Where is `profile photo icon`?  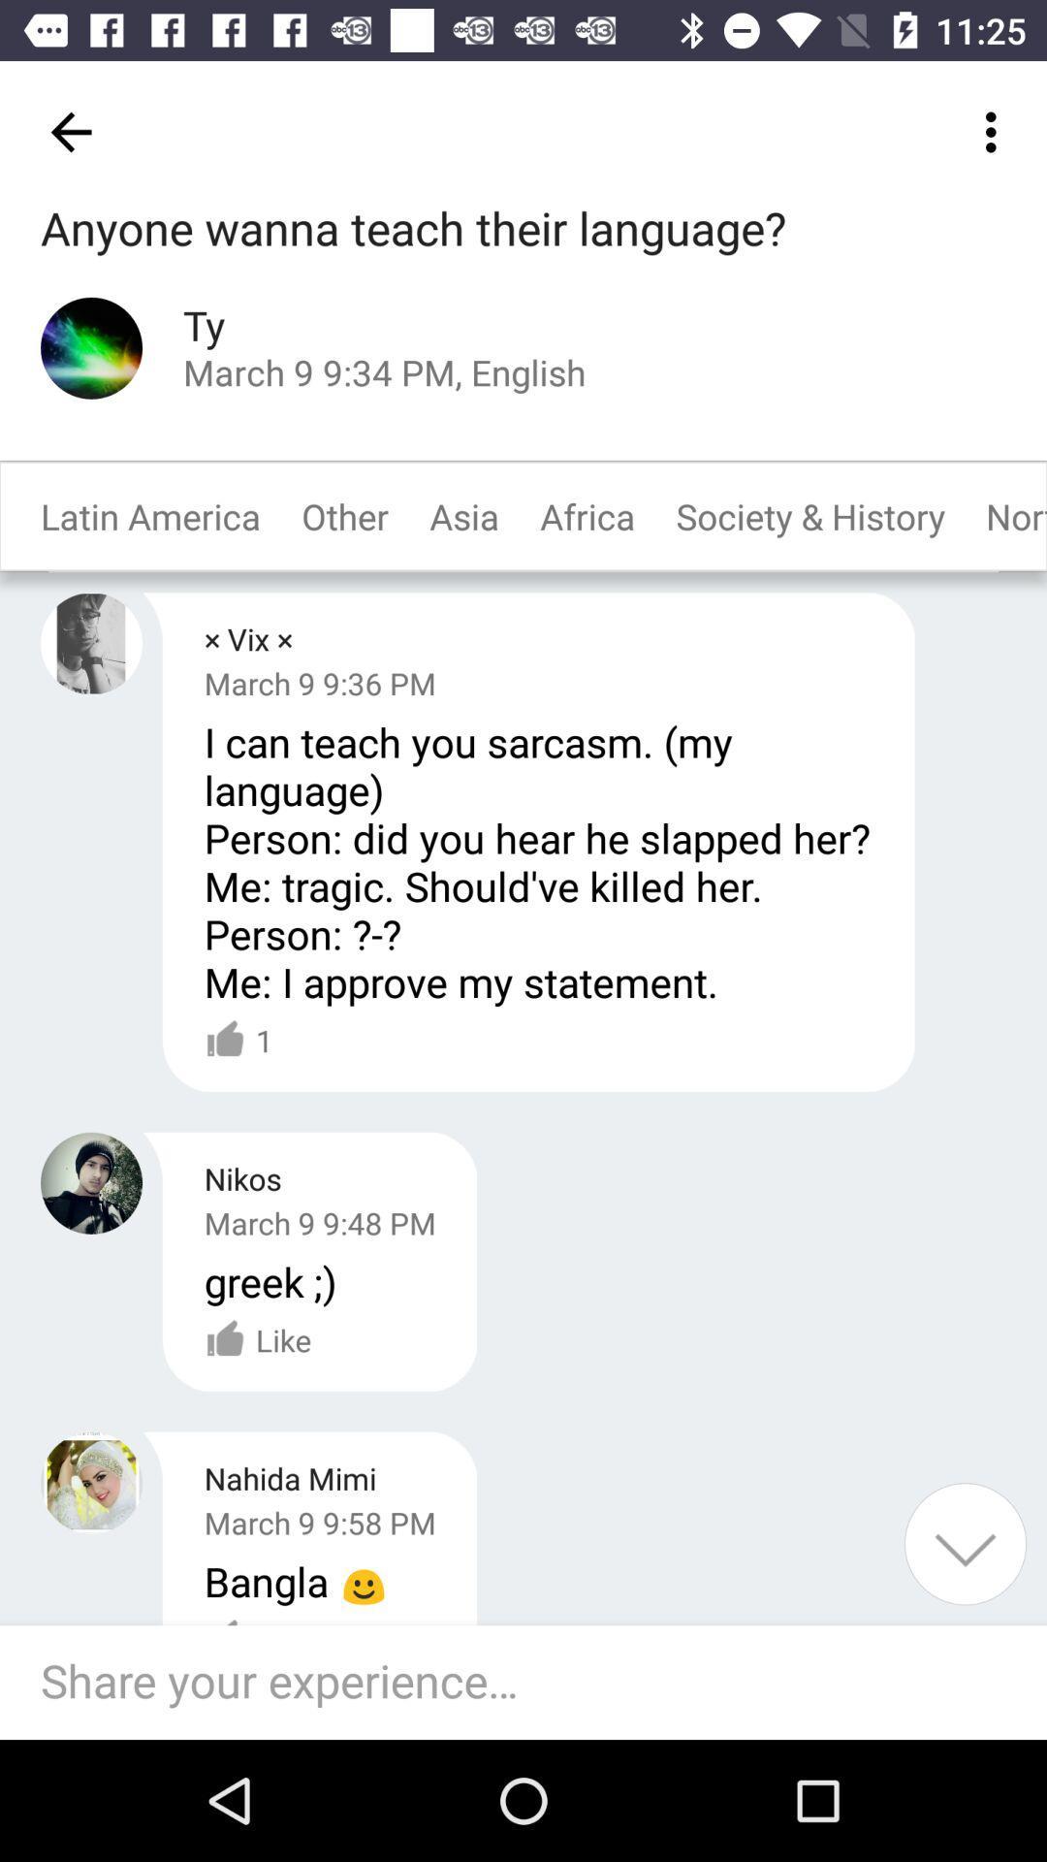
profile photo icon is located at coordinates (91, 1182).